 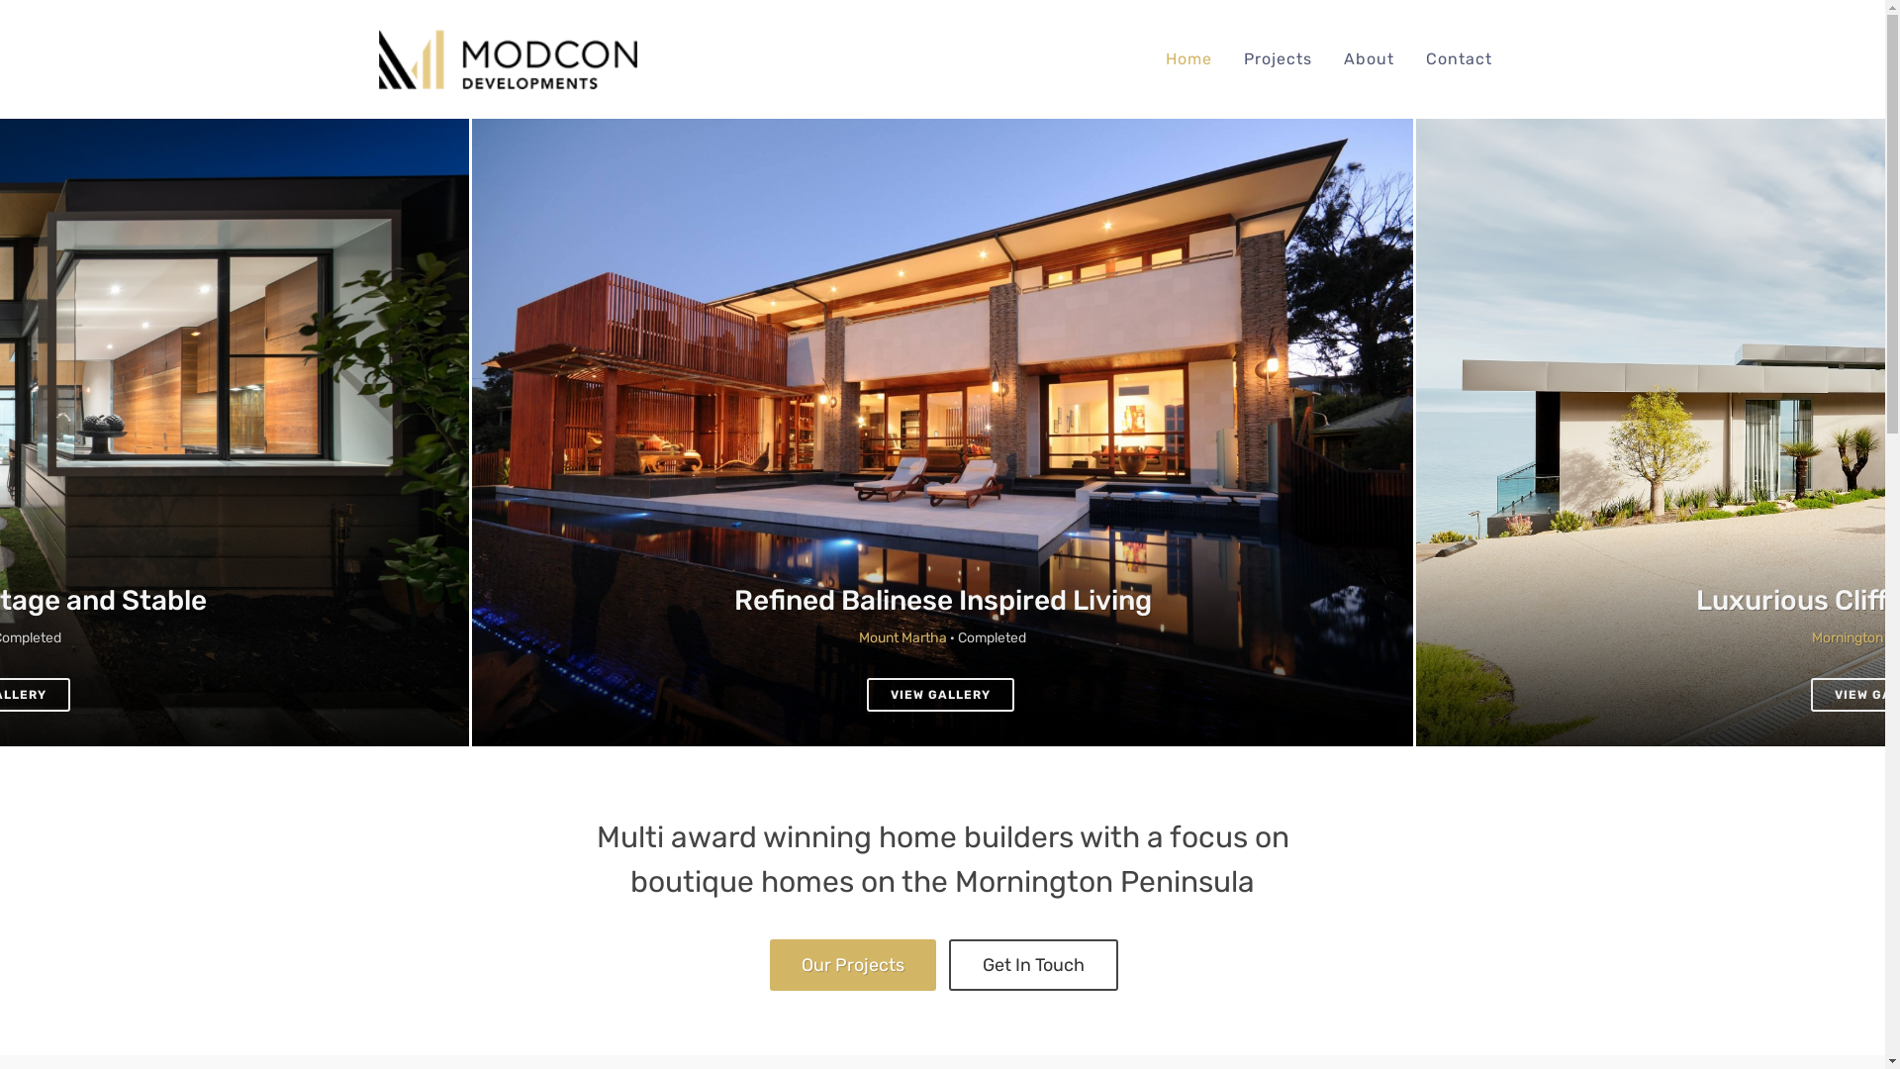 What do you see at coordinates (1459, 58) in the screenshot?
I see `'Contact'` at bounding box center [1459, 58].